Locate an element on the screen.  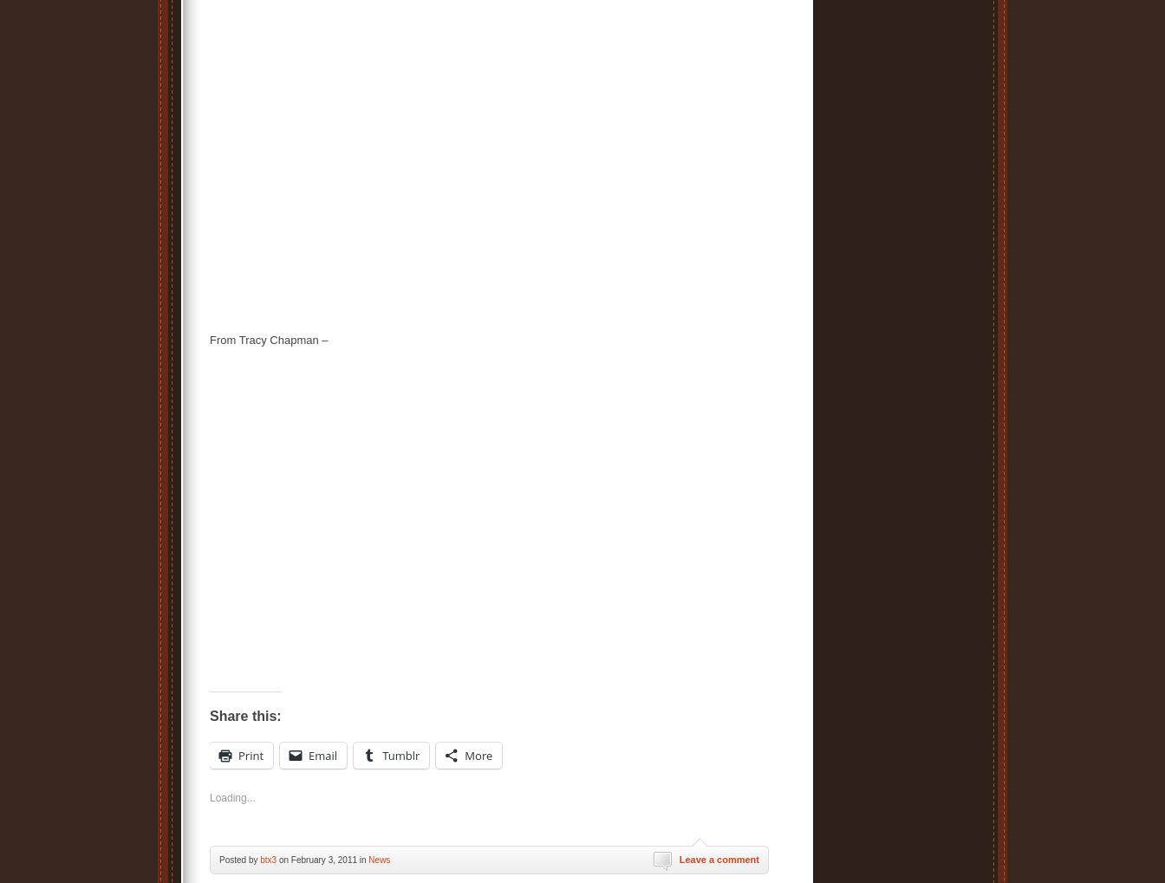
'Email' is located at coordinates (322, 754).